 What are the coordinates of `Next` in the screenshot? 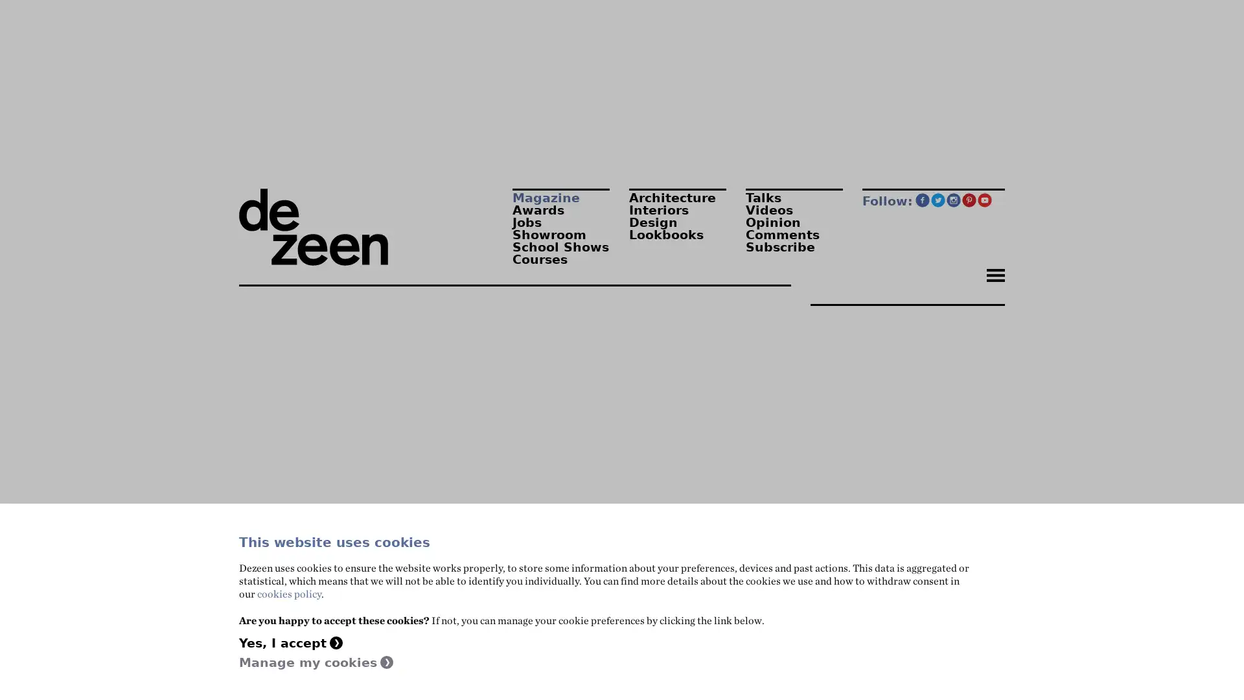 It's located at (796, 478).